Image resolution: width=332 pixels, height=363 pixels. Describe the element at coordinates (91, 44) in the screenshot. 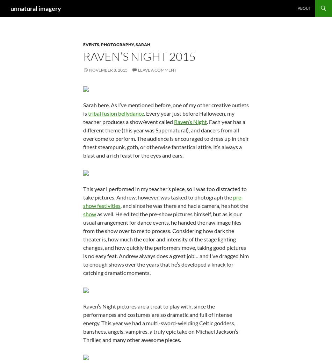

I see `'events'` at that location.